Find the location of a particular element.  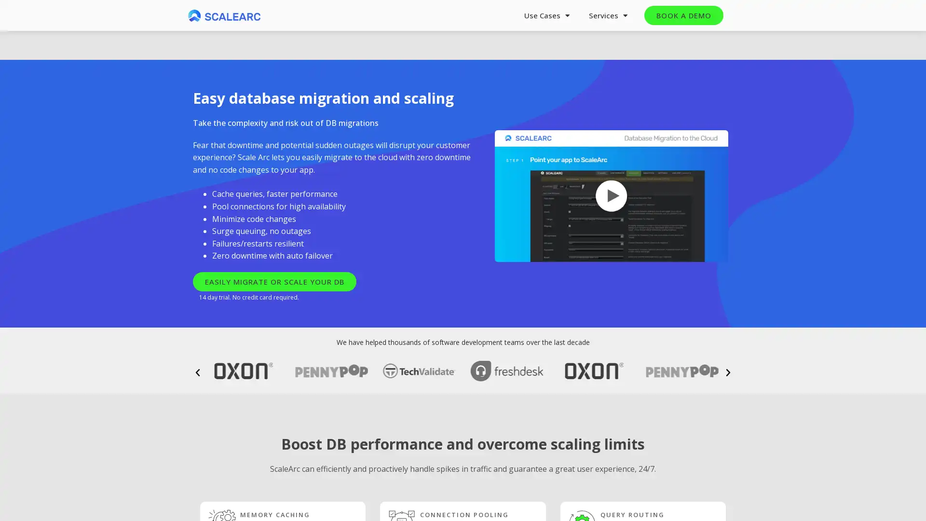

Next slide is located at coordinates (728, 372).